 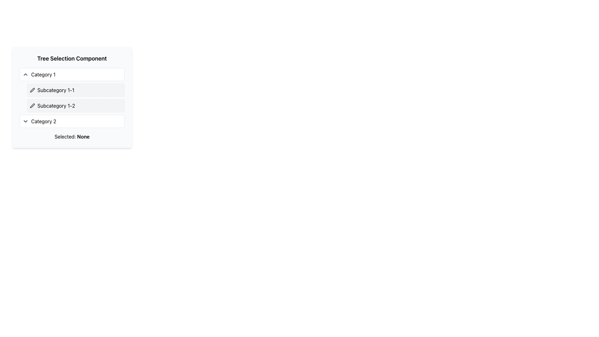 I want to click on the outlined pen icon located to the left of the text 'Subcategory 1-2' in the tree selection interface, so click(x=32, y=90).